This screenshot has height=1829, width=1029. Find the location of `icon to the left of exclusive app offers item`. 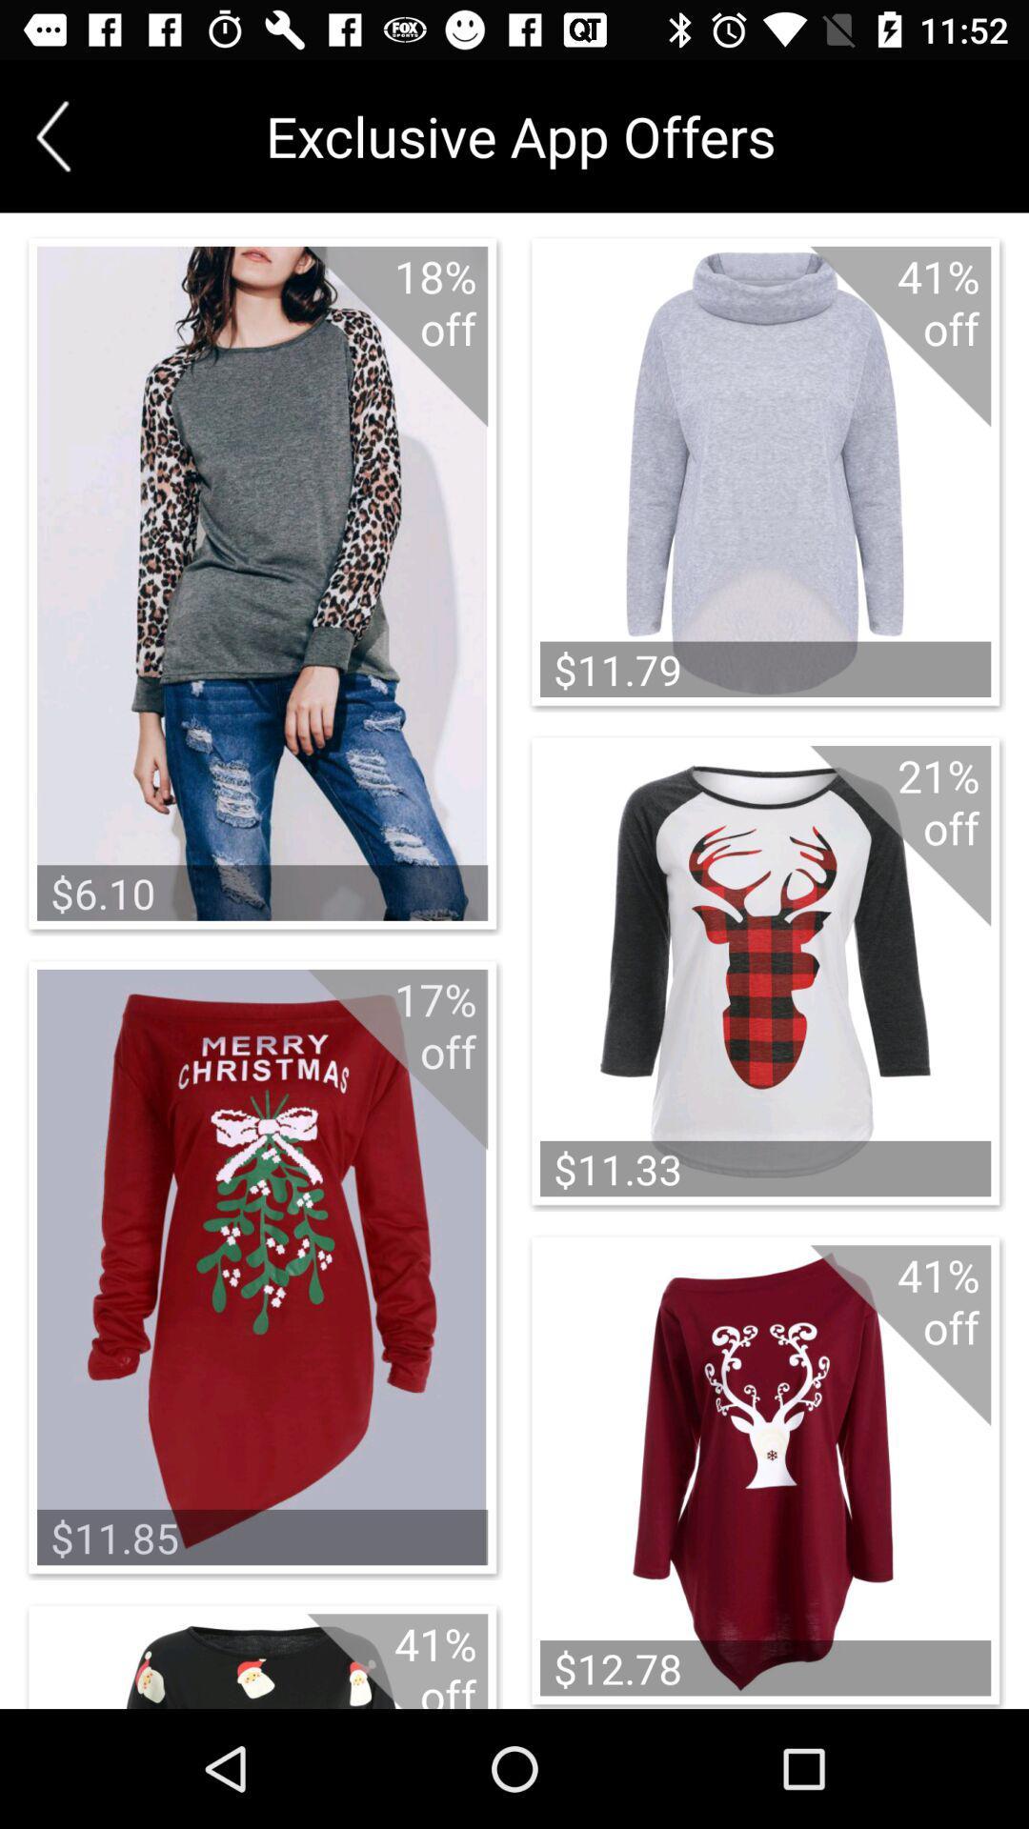

icon to the left of exclusive app offers item is located at coordinates (52, 135).